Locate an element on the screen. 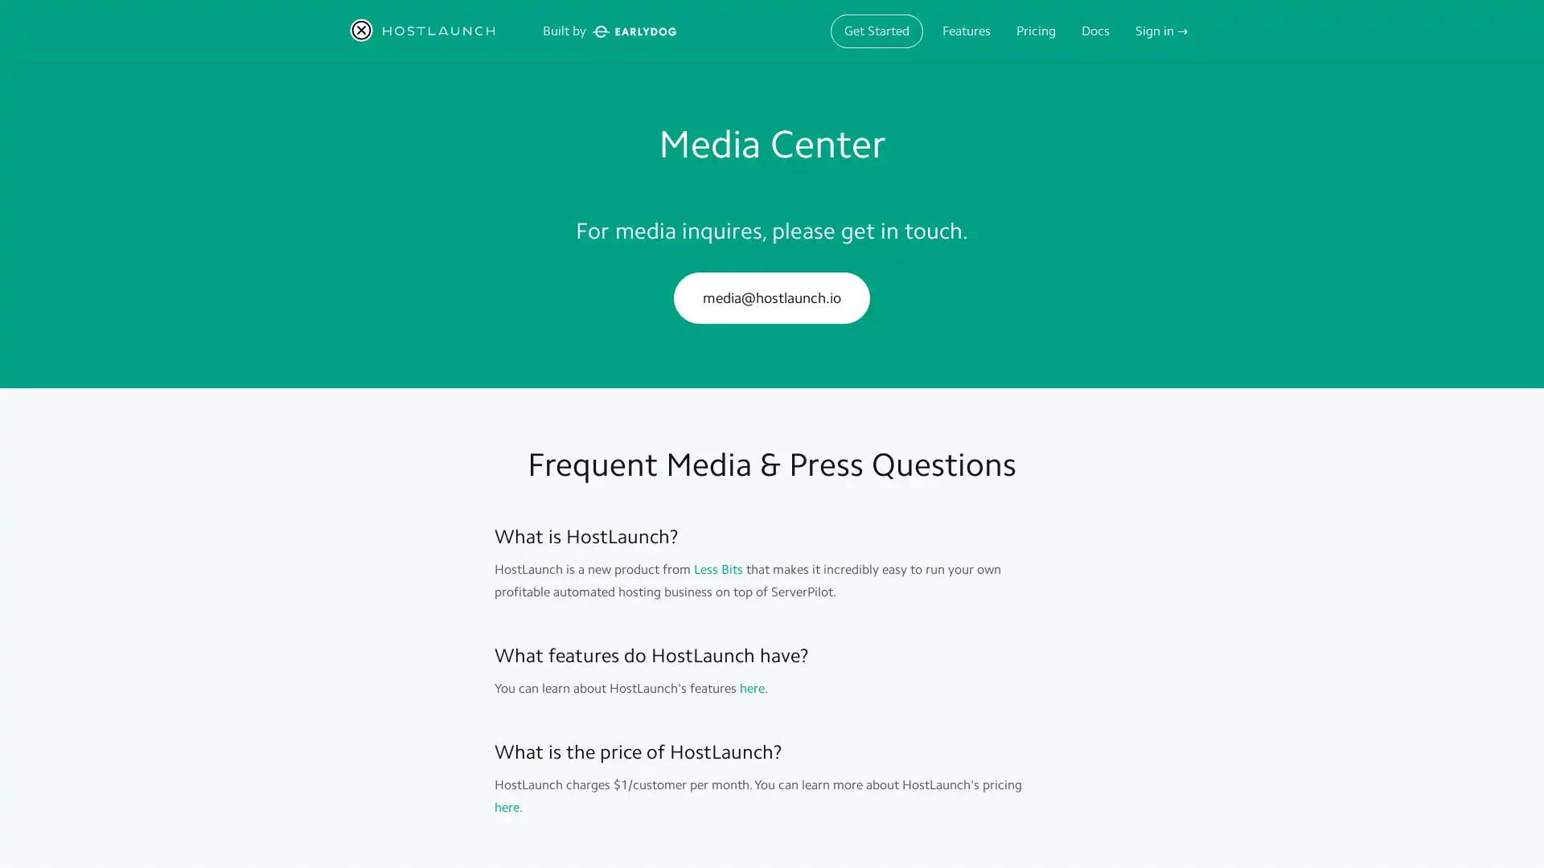 Image resolution: width=1544 pixels, height=868 pixels. Docs is located at coordinates (1094, 31).